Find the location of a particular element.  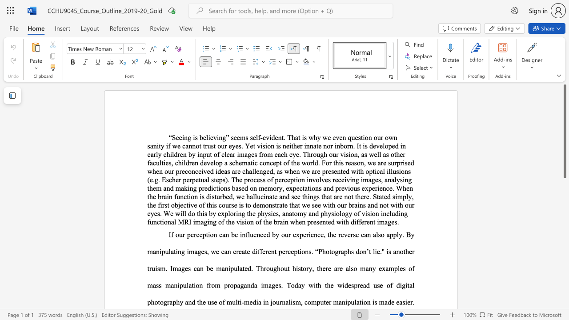

the scrollbar to move the content lower is located at coordinates (564, 280).